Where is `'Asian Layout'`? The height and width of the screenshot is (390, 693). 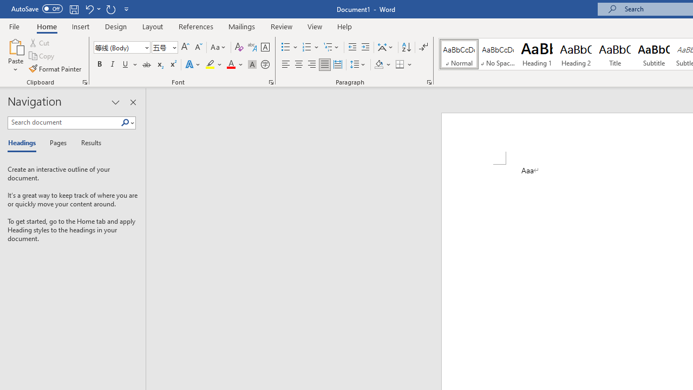 'Asian Layout' is located at coordinates (385, 47).